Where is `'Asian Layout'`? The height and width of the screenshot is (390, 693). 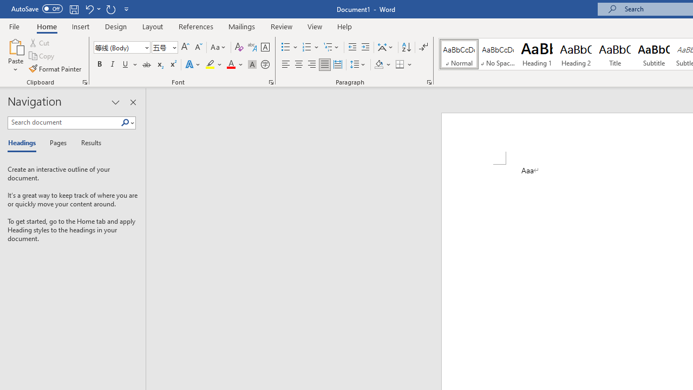 'Asian Layout' is located at coordinates (385, 47).